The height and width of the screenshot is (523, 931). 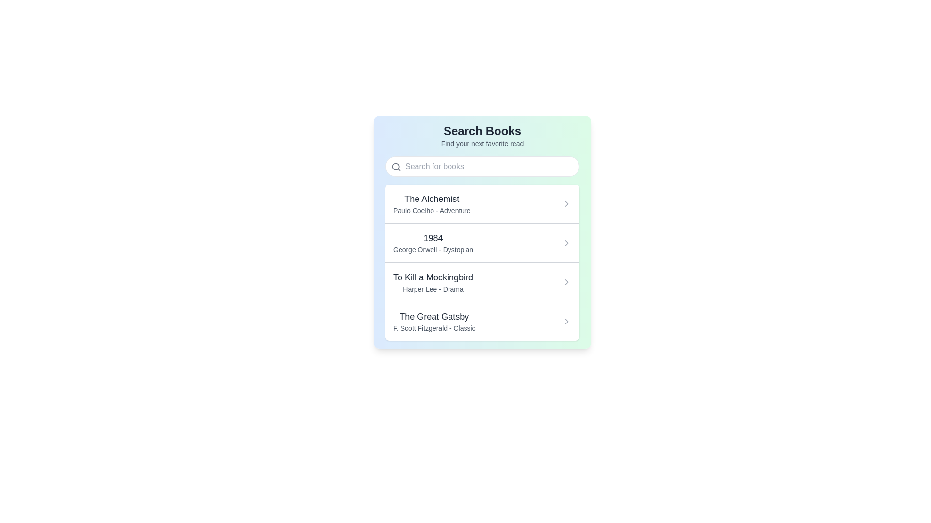 I want to click on the decorative graphical element of the search icon, located to the left of the text input field, so click(x=396, y=166).